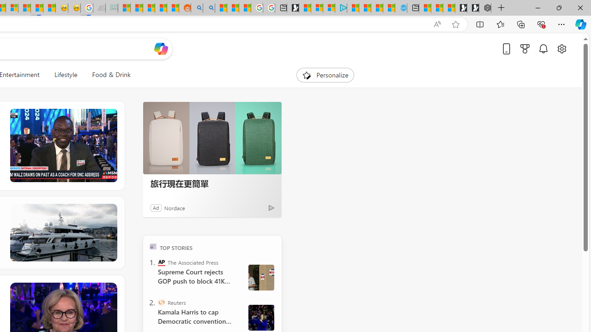 This screenshot has width=591, height=332. Describe the element at coordinates (161, 8) in the screenshot. I see `'Student Loan Update: Forgiveness Program Ends This Month'` at that location.